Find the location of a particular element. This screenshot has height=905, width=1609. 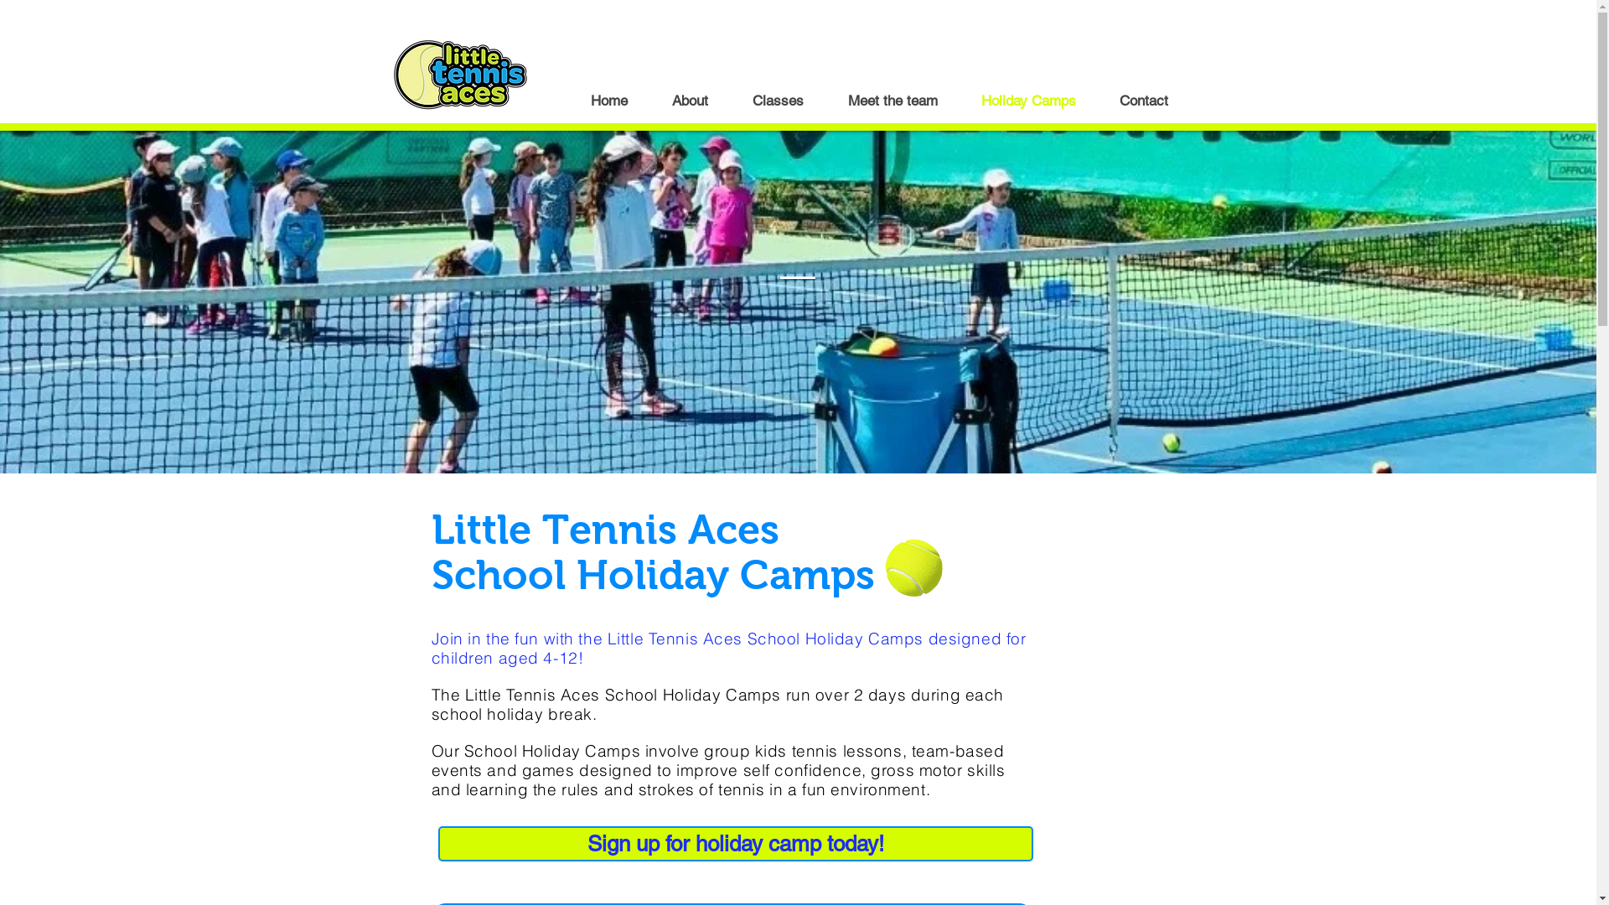

'Classes' is located at coordinates (778, 100).